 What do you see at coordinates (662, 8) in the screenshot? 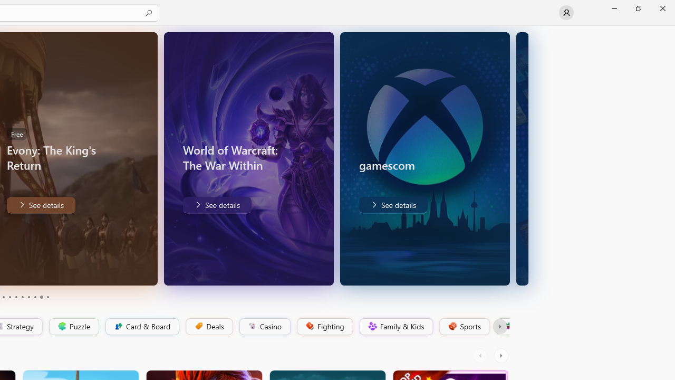
I see `'Close Microsoft Store'` at bounding box center [662, 8].